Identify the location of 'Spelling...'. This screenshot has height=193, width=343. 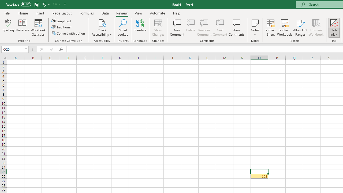
(8, 28).